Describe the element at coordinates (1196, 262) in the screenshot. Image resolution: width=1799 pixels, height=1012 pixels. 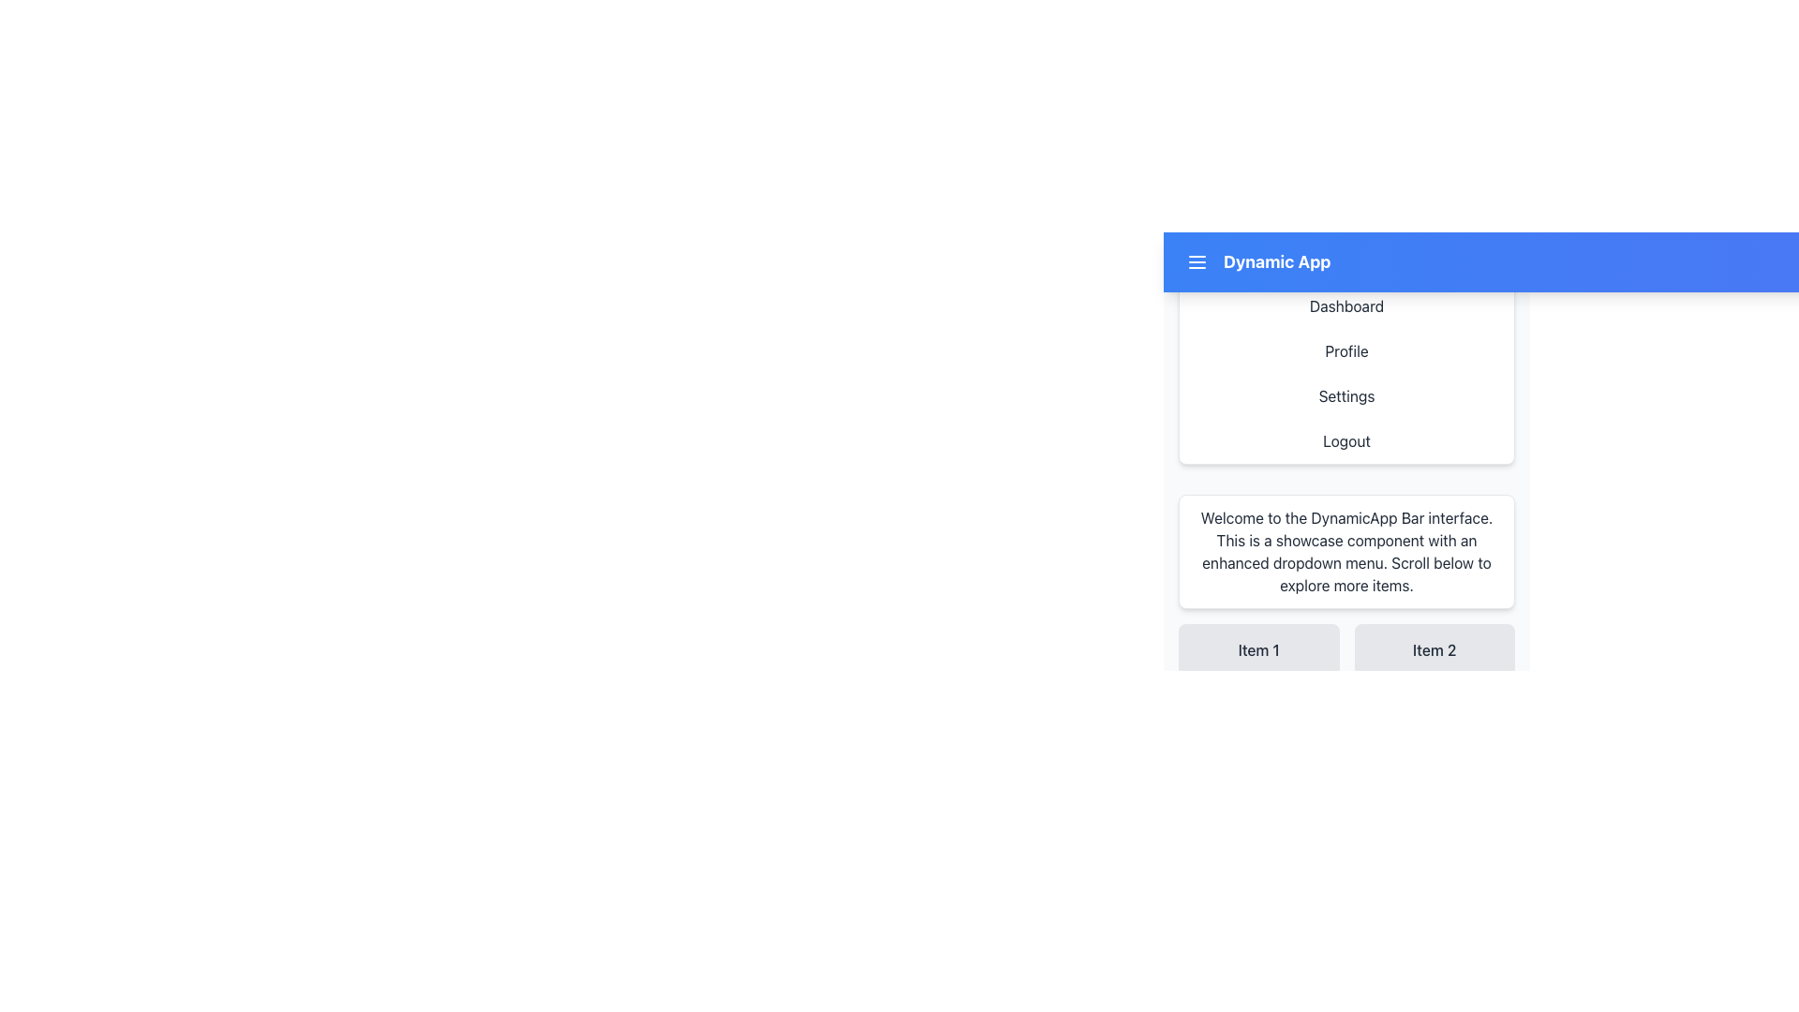
I see `the 'hamburger menu' icon, which consists of three white horizontal lines on a blue background, located at the top-left corner of the navigation bar before the label 'Dynamic App'` at that location.